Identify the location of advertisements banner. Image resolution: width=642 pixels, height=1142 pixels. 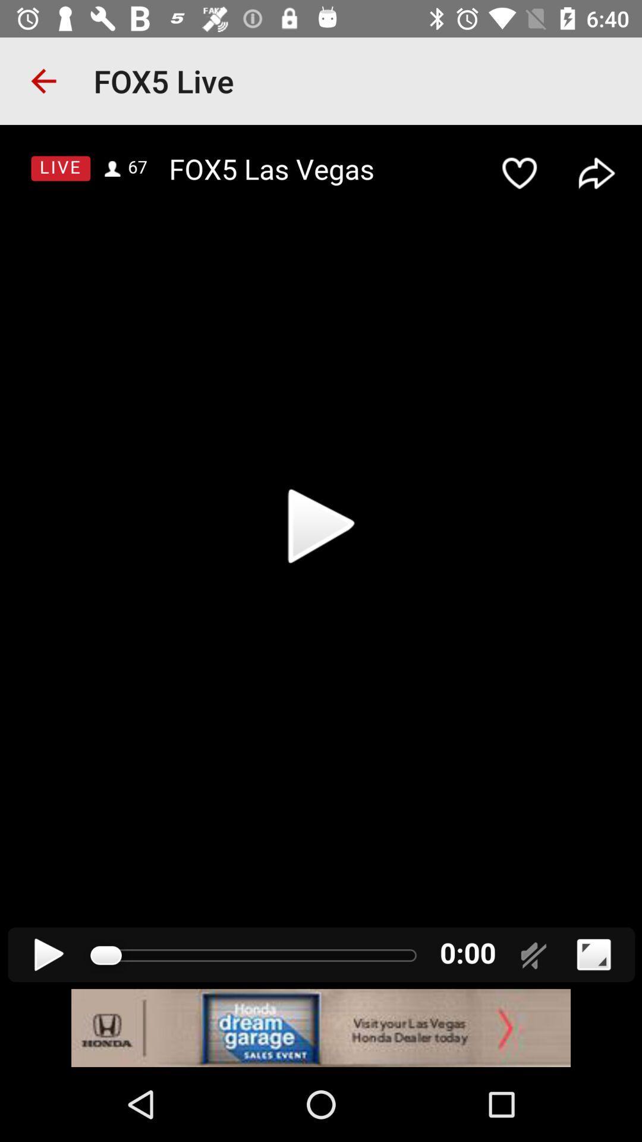
(321, 1027).